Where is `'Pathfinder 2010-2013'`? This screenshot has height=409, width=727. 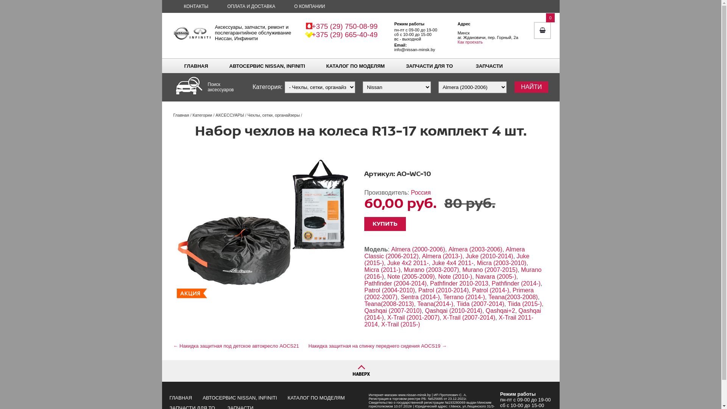 'Pathfinder 2010-2013' is located at coordinates (459, 283).